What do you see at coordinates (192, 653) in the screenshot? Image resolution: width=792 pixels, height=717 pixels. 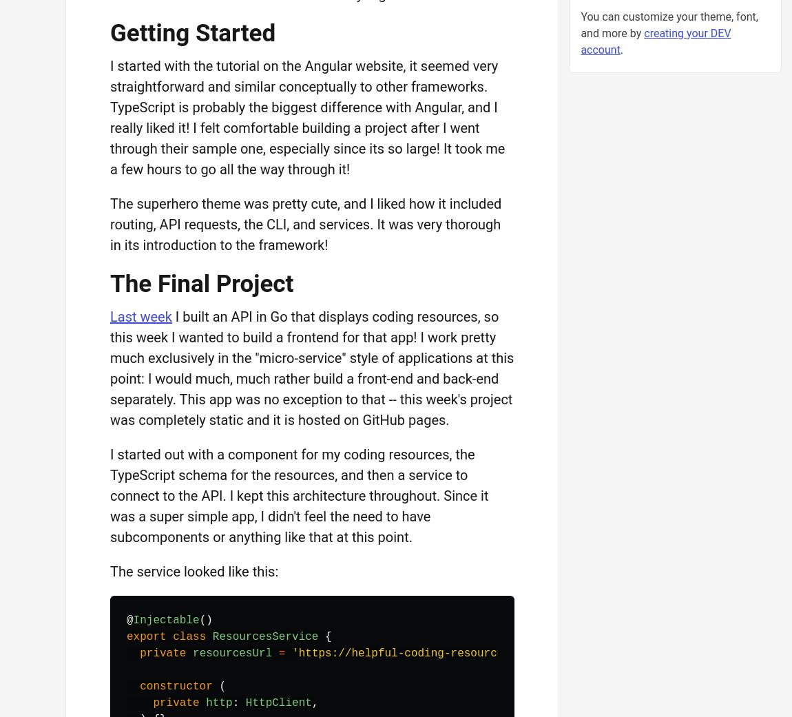 I see `'resourcesUrl'` at bounding box center [192, 653].